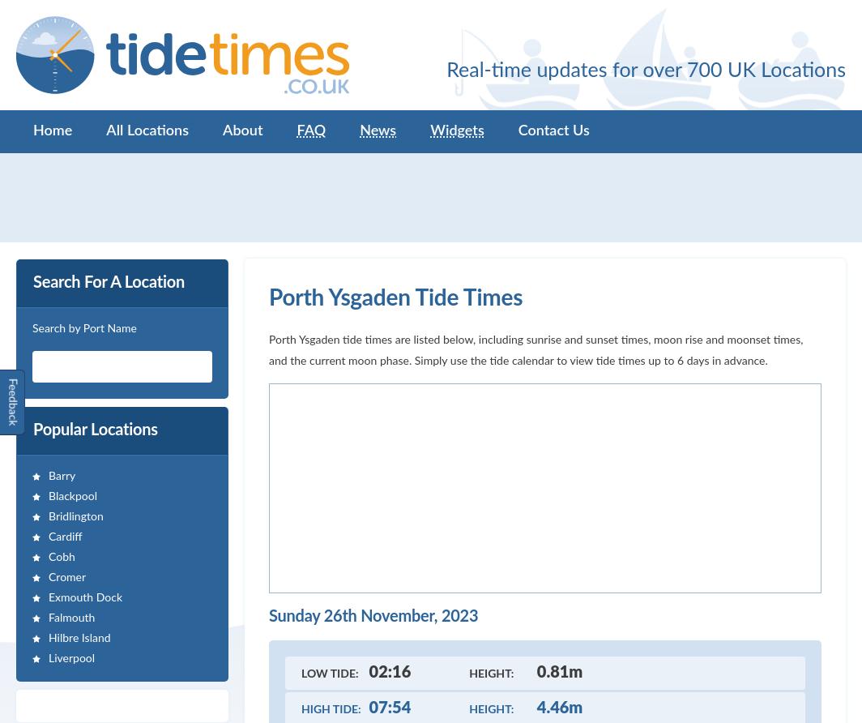 The width and height of the screenshot is (862, 723). I want to click on '07:54', so click(390, 707).